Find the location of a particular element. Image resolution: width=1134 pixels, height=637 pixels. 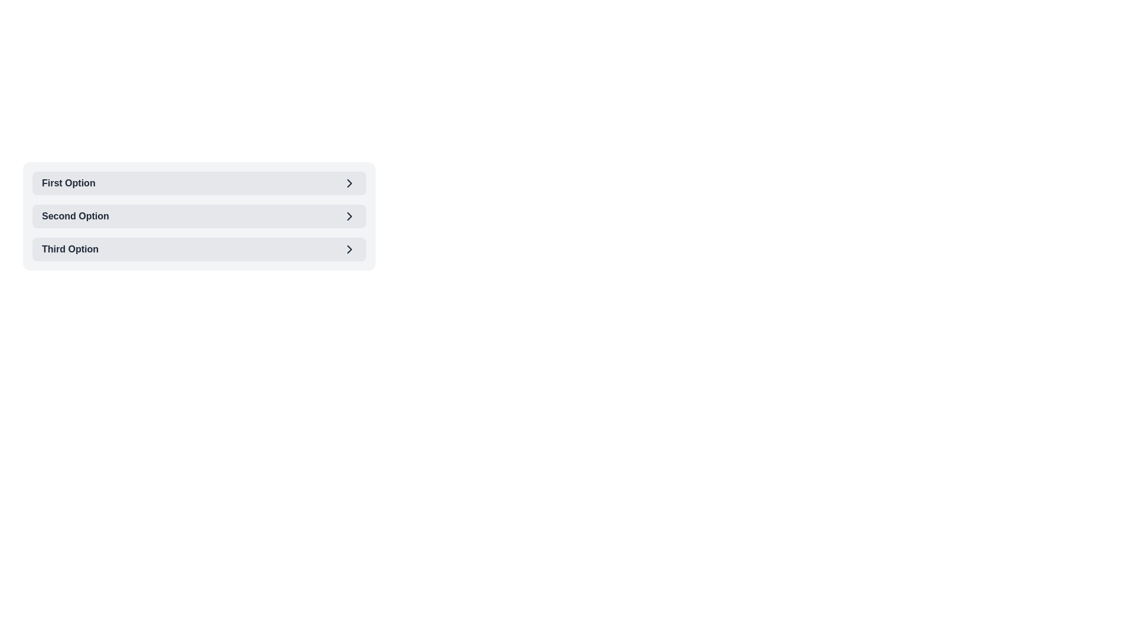

the informational panel located directly below the 'Third Option' section to trigger tooltip or focus-related behaviors is located at coordinates (199, 287).